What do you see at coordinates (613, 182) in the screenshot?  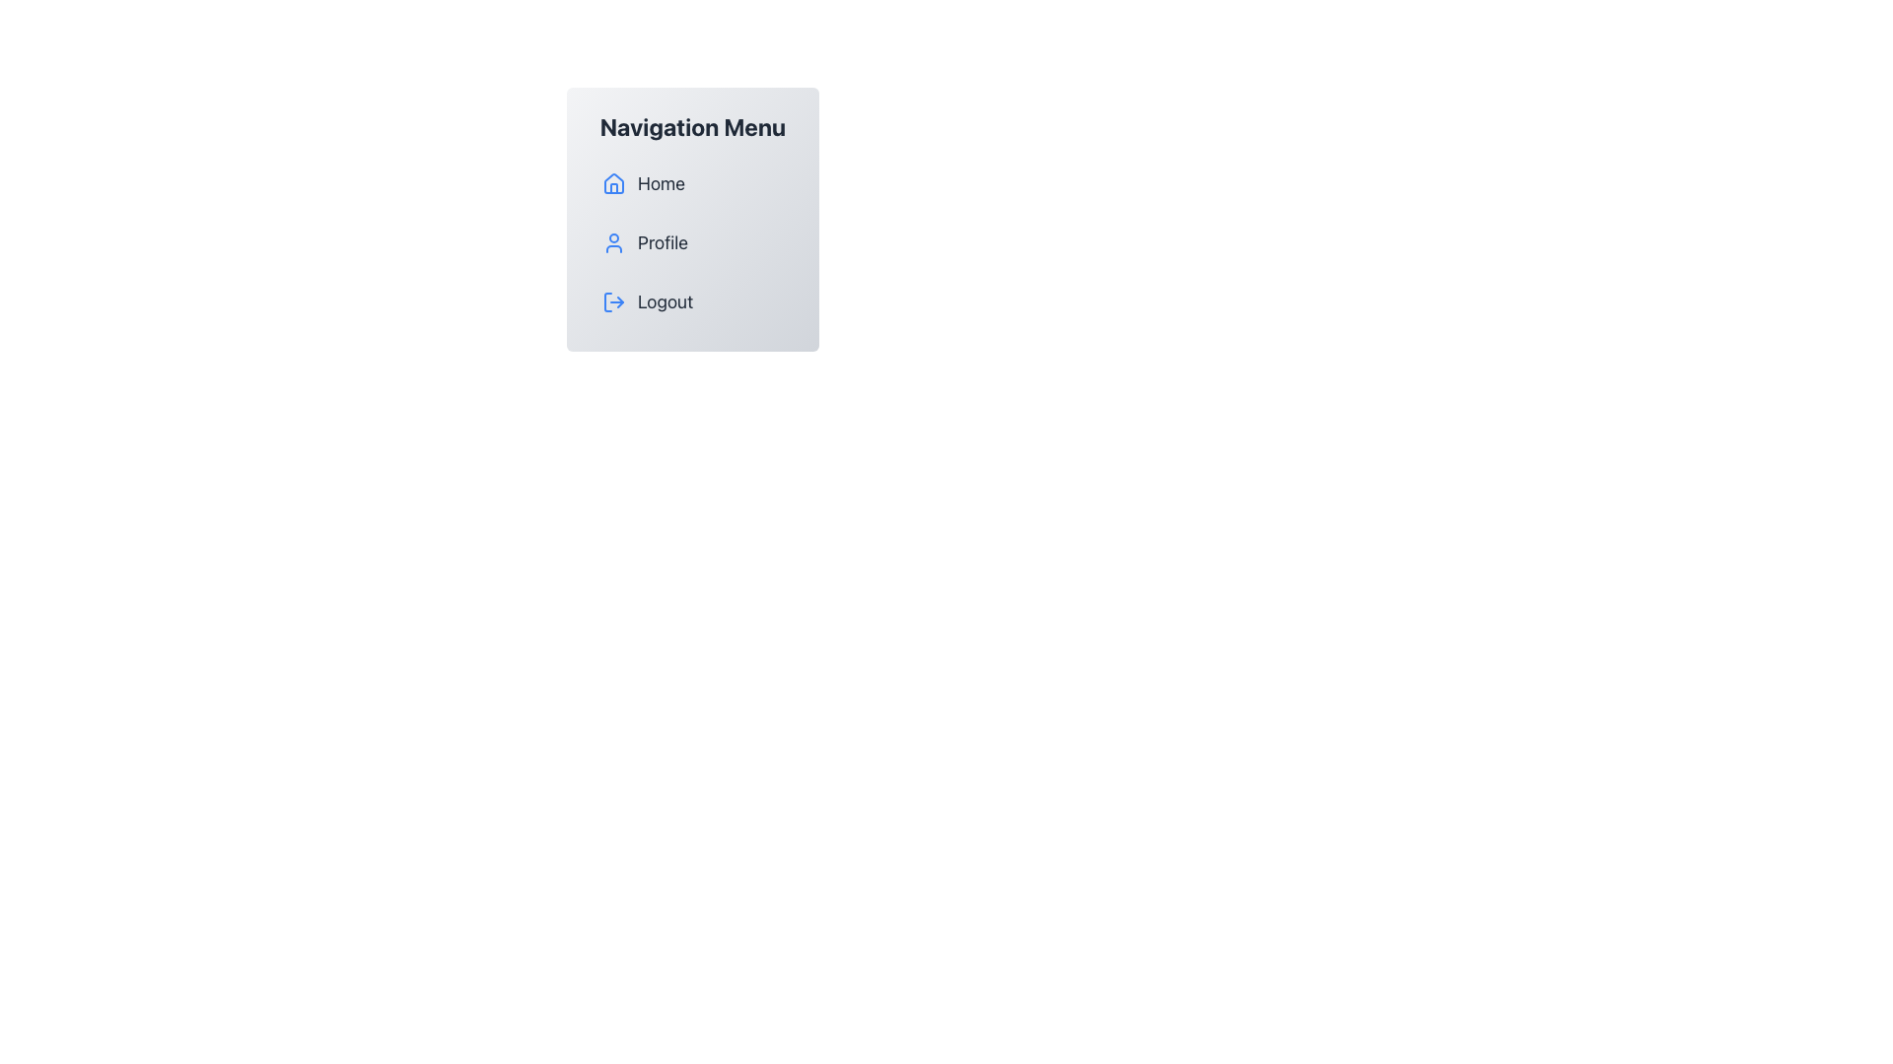 I see `the 'Home' icon in the navigation menu, which is positioned in the upper left quadrant and aligned to the left of the 'Home' text label` at bounding box center [613, 182].